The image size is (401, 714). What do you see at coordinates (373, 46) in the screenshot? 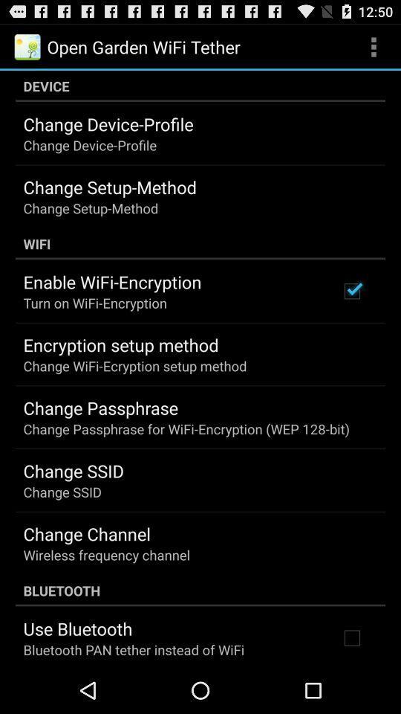
I see `the icon above the device` at bounding box center [373, 46].